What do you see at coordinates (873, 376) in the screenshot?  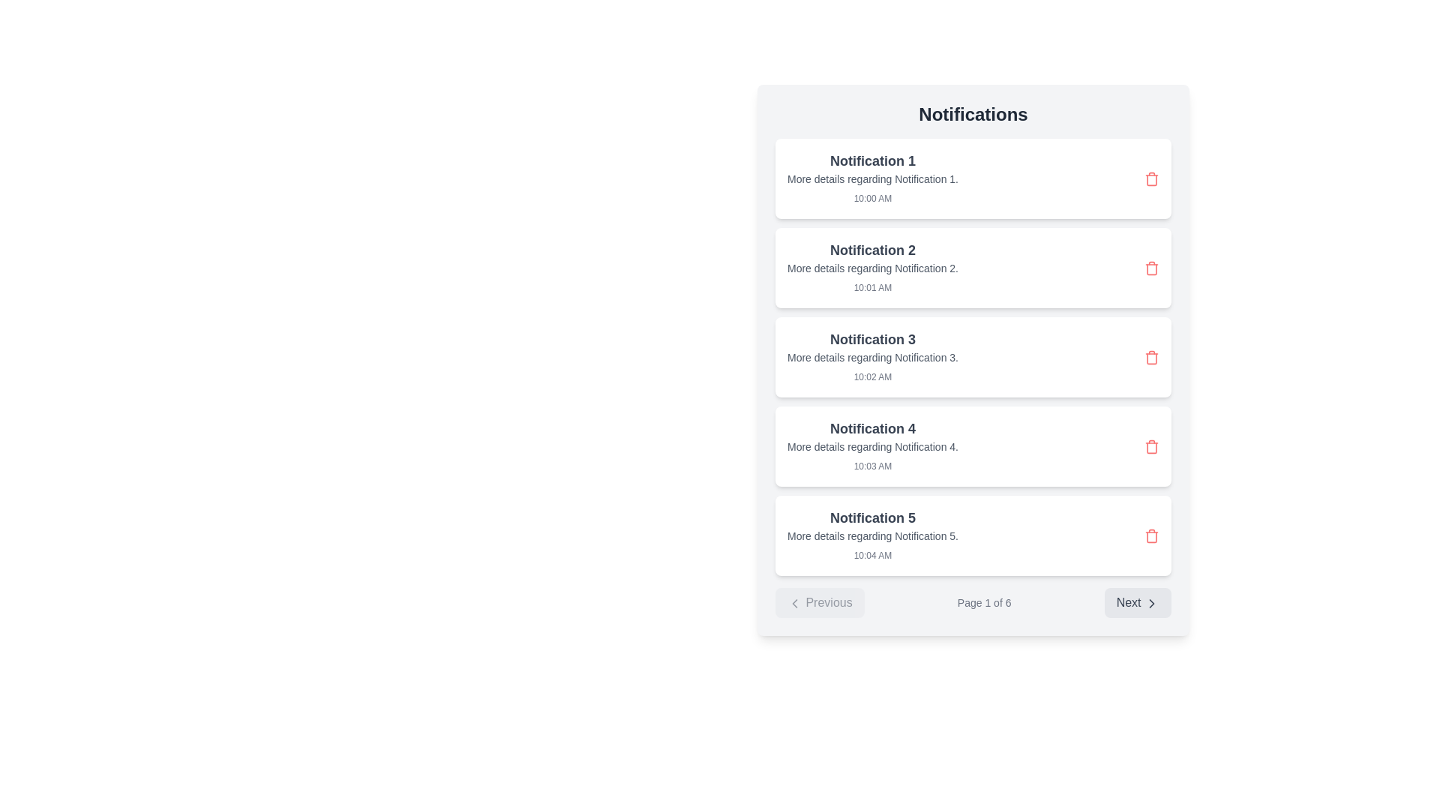 I see `the static text displaying '10:02 AM' located in the footer of the third notification item in the notification list` at bounding box center [873, 376].